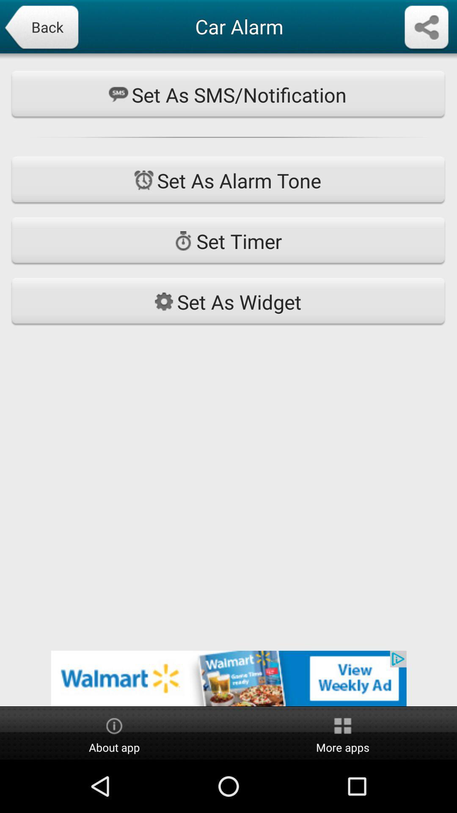  Describe the element at coordinates (228, 678) in the screenshot. I see `the add image` at that location.